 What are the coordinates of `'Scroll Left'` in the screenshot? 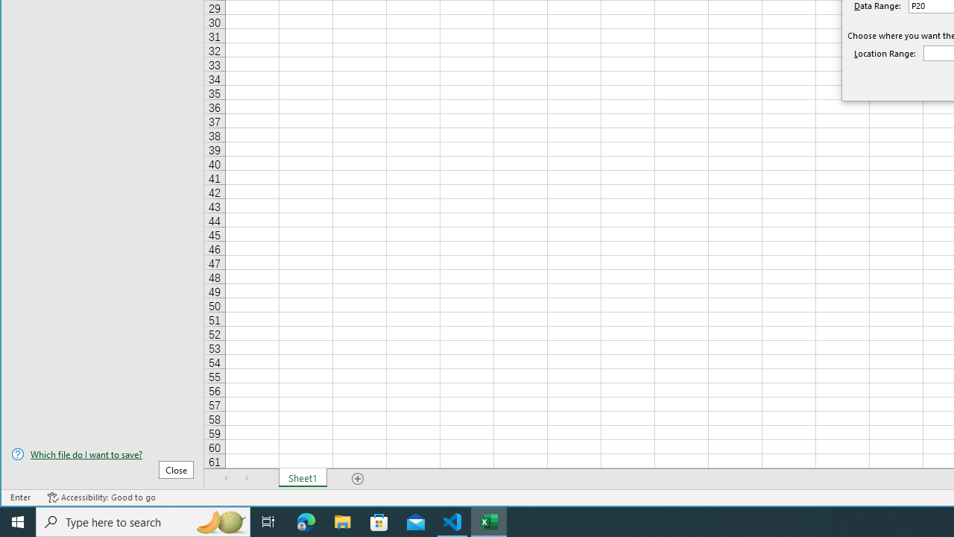 It's located at (226, 478).